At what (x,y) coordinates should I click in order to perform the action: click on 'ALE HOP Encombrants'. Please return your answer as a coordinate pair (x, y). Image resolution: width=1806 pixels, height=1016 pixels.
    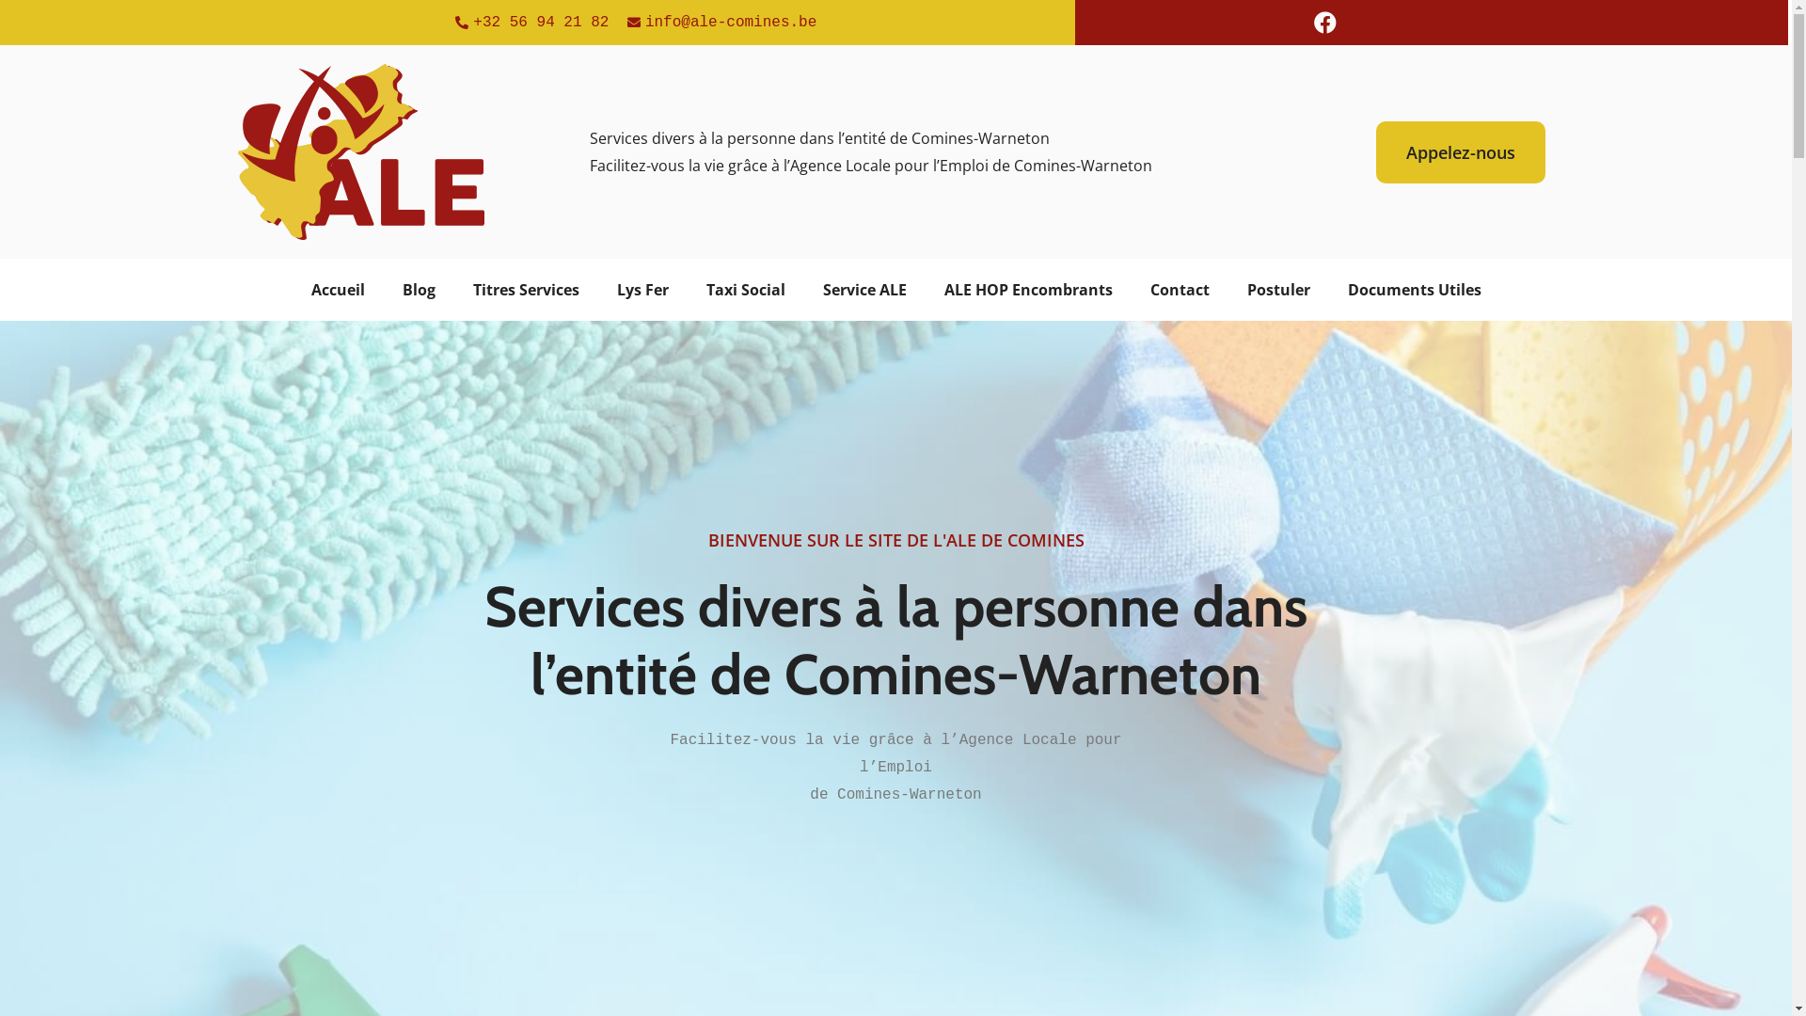
    Looking at the image, I should click on (1027, 290).